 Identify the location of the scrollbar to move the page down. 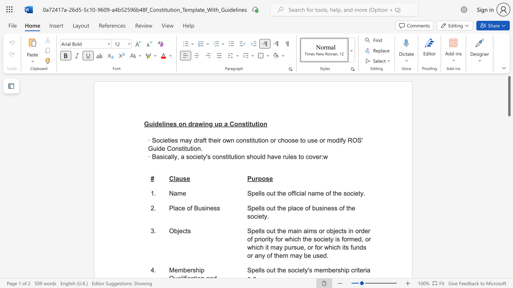
(509, 220).